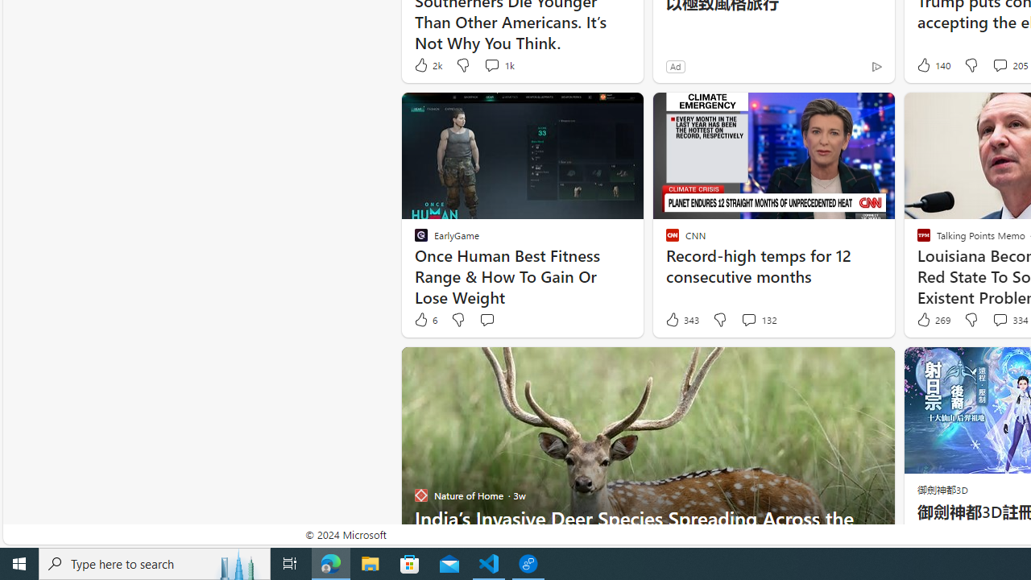  What do you see at coordinates (747, 320) in the screenshot?
I see `'View comments 132 Comment'` at bounding box center [747, 320].